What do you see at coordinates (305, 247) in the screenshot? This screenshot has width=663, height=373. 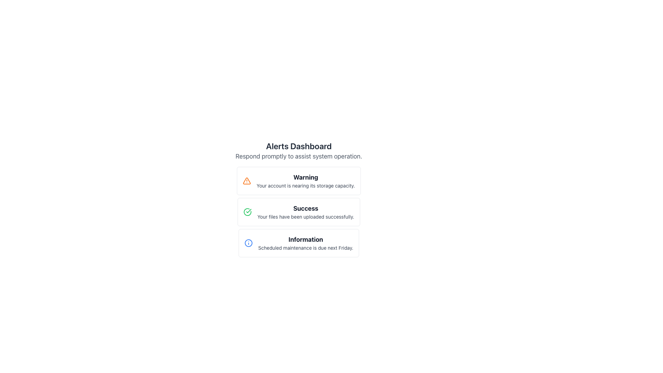 I see `the text statement 'Scheduled maintenance is due next Friday.' located at the bottom of the 'Information' card` at bounding box center [305, 247].